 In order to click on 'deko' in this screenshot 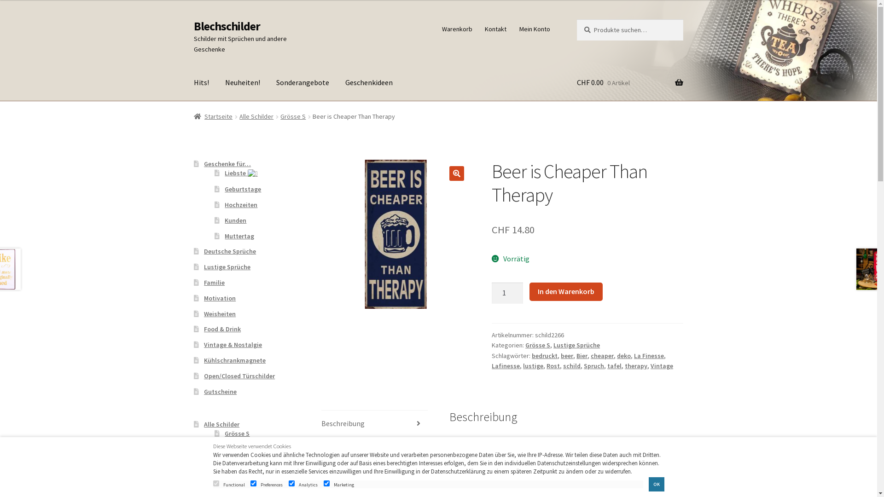, I will do `click(623, 355)`.